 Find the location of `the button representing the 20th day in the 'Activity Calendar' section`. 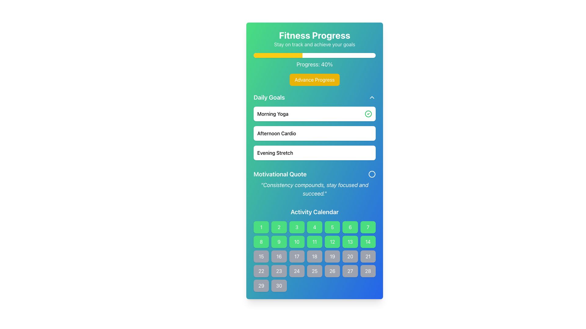

the button representing the 20th day in the 'Activity Calendar' section is located at coordinates (350, 256).